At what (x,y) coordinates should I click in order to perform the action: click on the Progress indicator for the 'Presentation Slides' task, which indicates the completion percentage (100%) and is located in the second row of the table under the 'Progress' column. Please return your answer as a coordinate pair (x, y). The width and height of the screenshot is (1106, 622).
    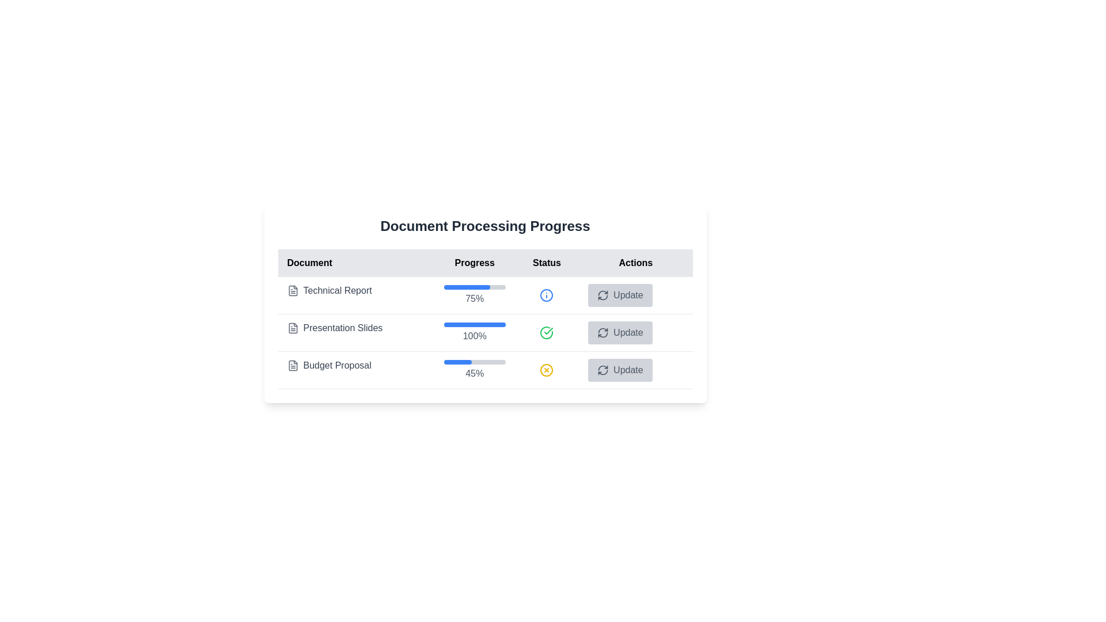
    Looking at the image, I should click on (485, 333).